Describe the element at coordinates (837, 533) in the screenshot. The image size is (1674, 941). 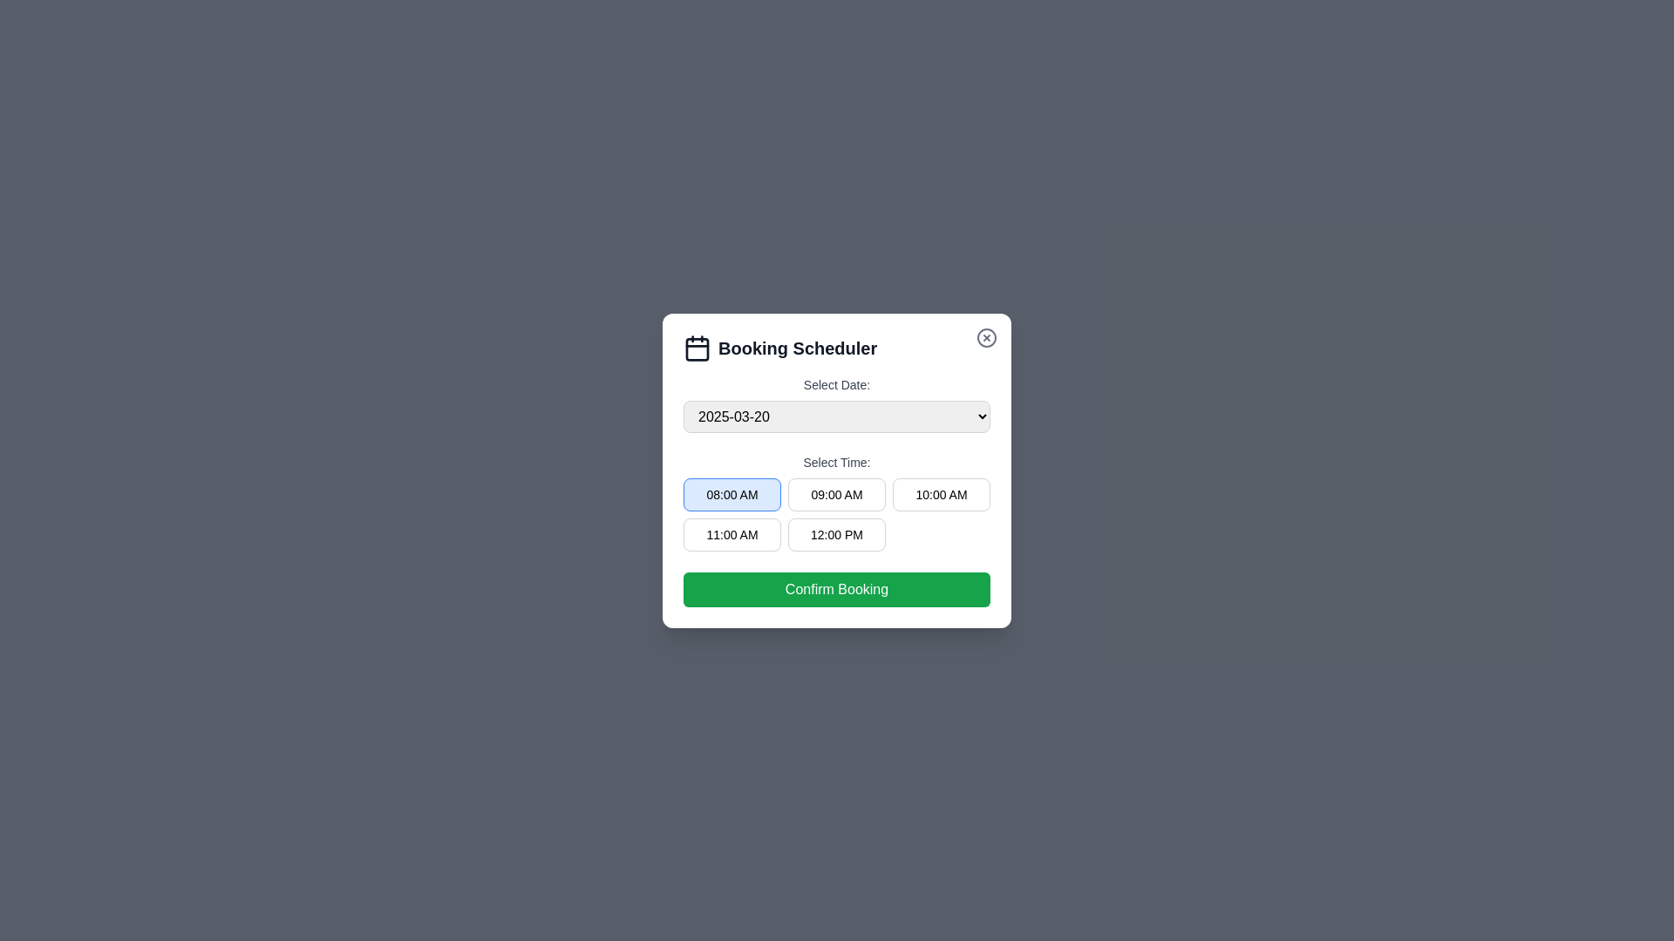
I see `the '12:00 PM' time selection button in the booking scheduler interface` at that location.